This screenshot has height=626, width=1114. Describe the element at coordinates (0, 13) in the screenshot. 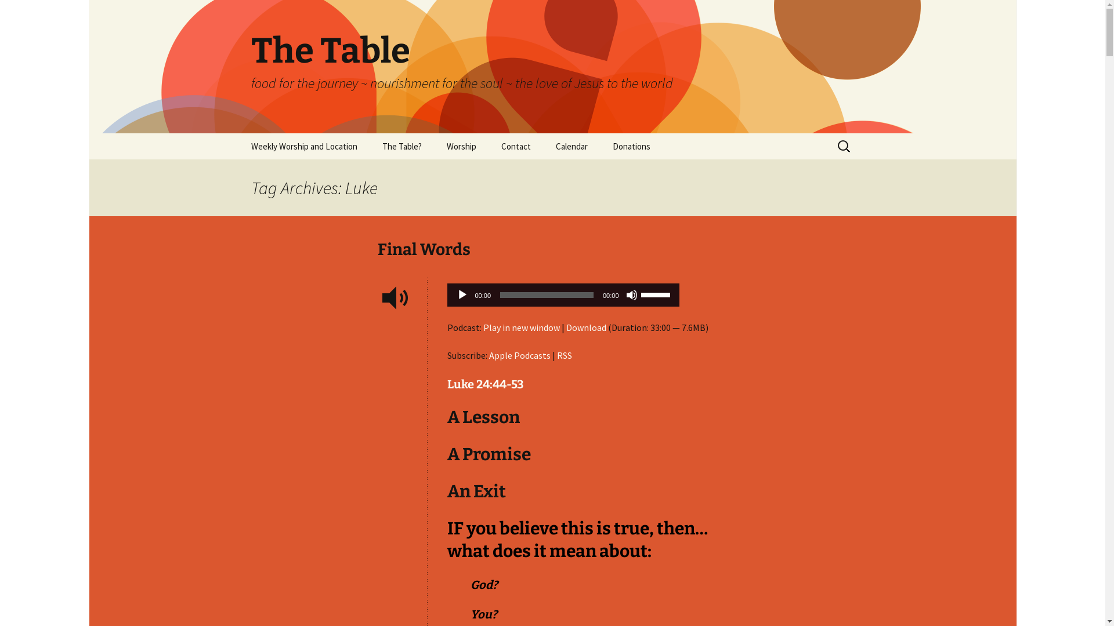

I see `'Search'` at that location.